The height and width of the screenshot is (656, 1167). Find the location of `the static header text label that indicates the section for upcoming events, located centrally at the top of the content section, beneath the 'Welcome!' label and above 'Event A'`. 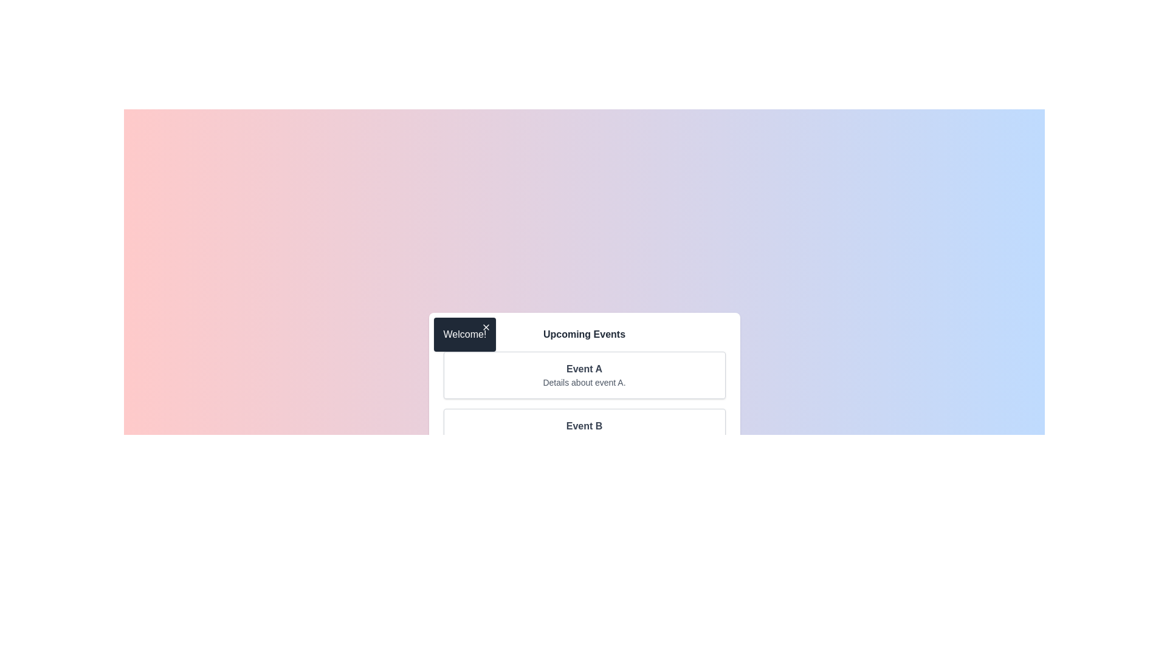

the static header text label that indicates the section for upcoming events, located centrally at the top of the content section, beneath the 'Welcome!' label and above 'Event A' is located at coordinates (584, 335).